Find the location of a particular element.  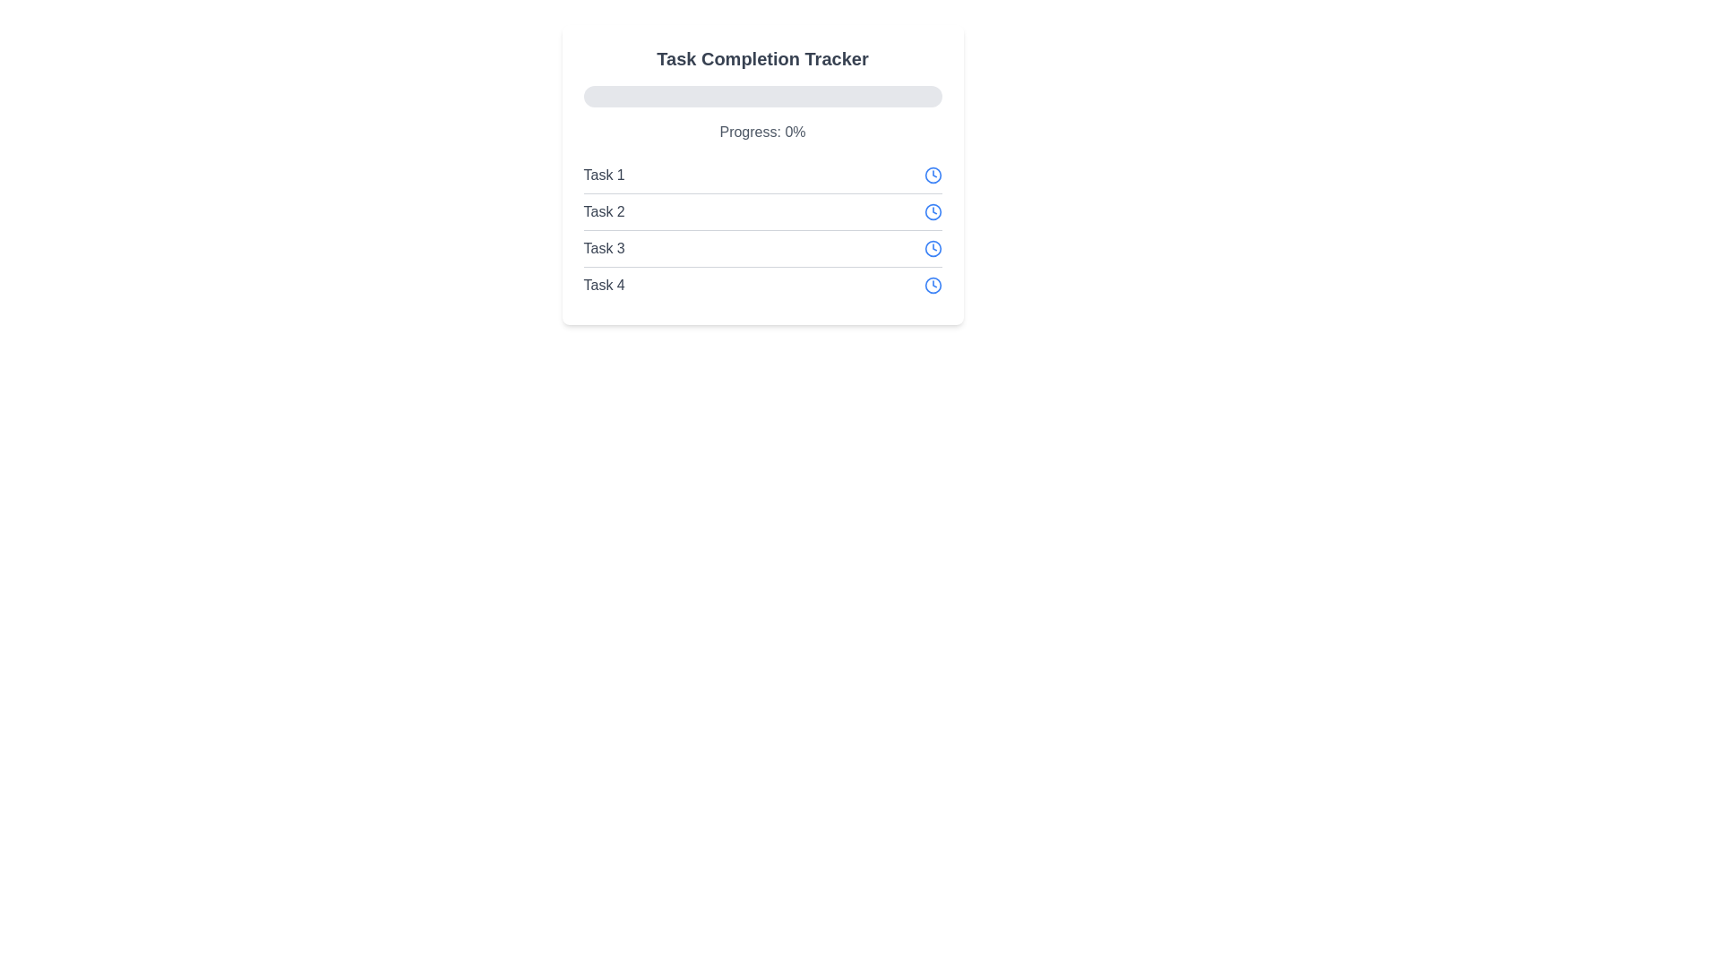

the SVG Circle element that is part of the clock icon for 'Task 4' in the 'Task Completion Tracker' interface is located at coordinates (932, 285).